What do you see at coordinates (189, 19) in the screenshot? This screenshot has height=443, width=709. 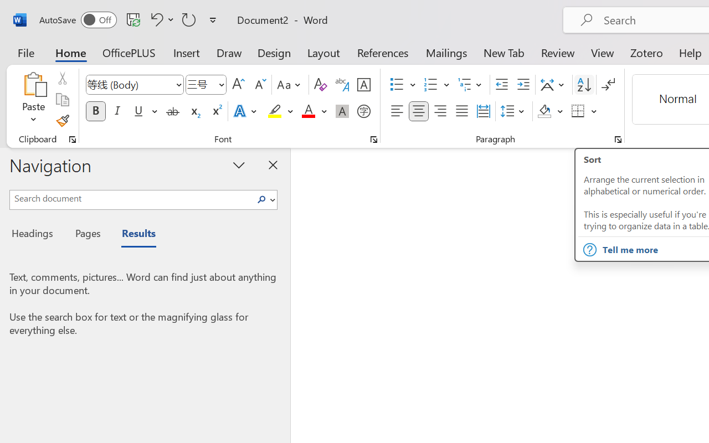 I see `'Repeat Doc Close'` at bounding box center [189, 19].